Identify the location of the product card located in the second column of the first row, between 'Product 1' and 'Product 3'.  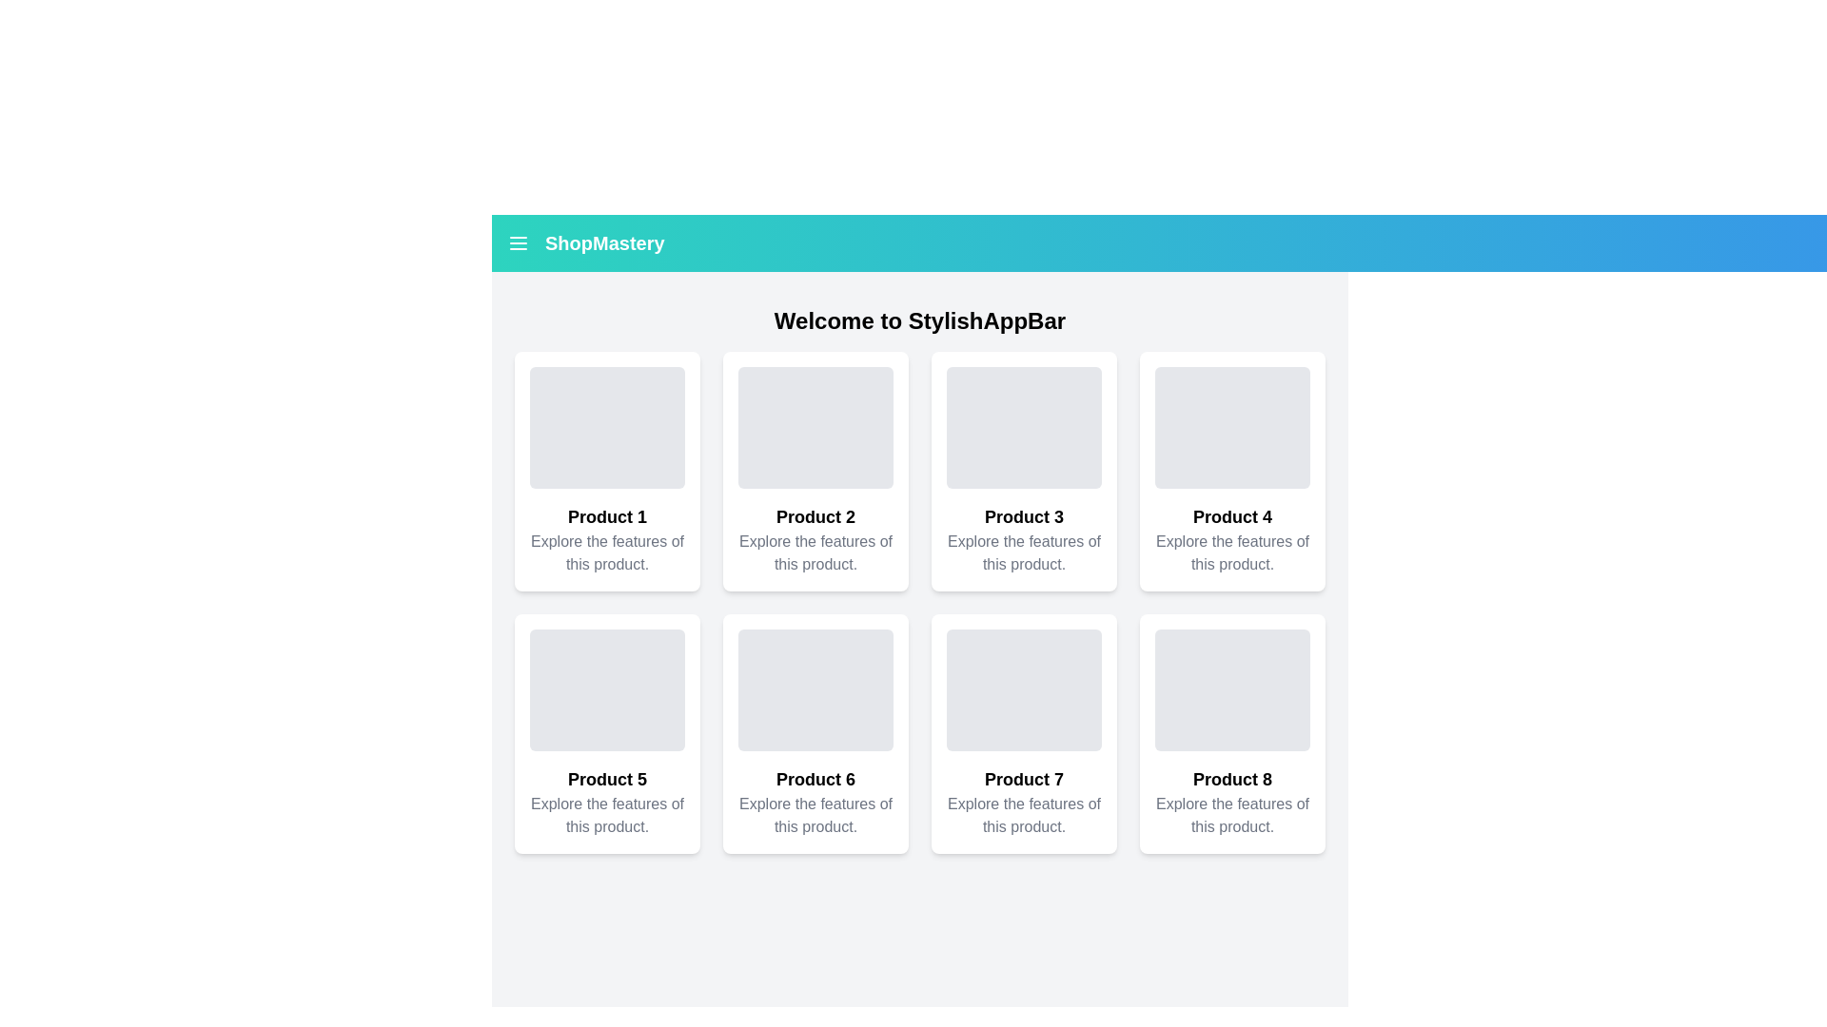
(815, 471).